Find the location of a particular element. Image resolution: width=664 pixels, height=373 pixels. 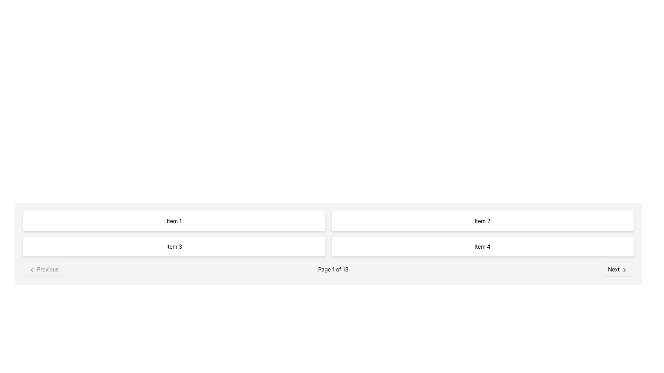

current page number displayed in the text element located at the center of the pagination bar, positioned between the 'Previous' and 'Next' buttons is located at coordinates (333, 269).